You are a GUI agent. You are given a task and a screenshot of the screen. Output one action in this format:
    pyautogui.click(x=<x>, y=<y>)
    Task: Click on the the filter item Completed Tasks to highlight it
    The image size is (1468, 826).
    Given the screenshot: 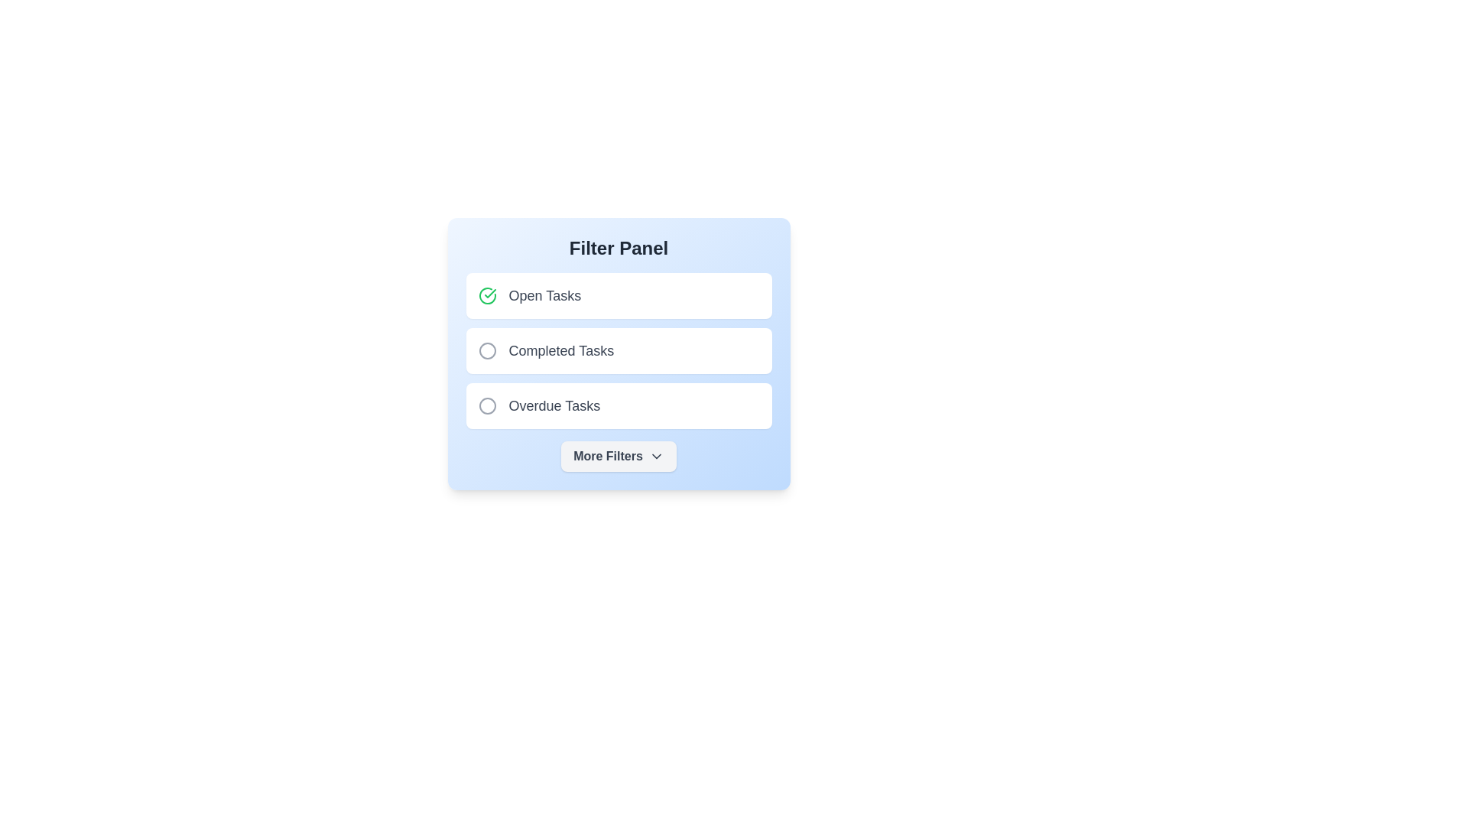 What is the action you would take?
    pyautogui.click(x=486, y=351)
    